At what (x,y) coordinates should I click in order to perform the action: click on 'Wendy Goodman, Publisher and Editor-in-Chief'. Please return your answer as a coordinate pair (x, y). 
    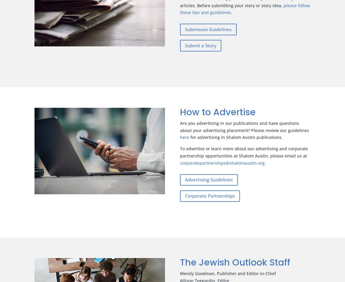
    Looking at the image, I should click on (228, 273).